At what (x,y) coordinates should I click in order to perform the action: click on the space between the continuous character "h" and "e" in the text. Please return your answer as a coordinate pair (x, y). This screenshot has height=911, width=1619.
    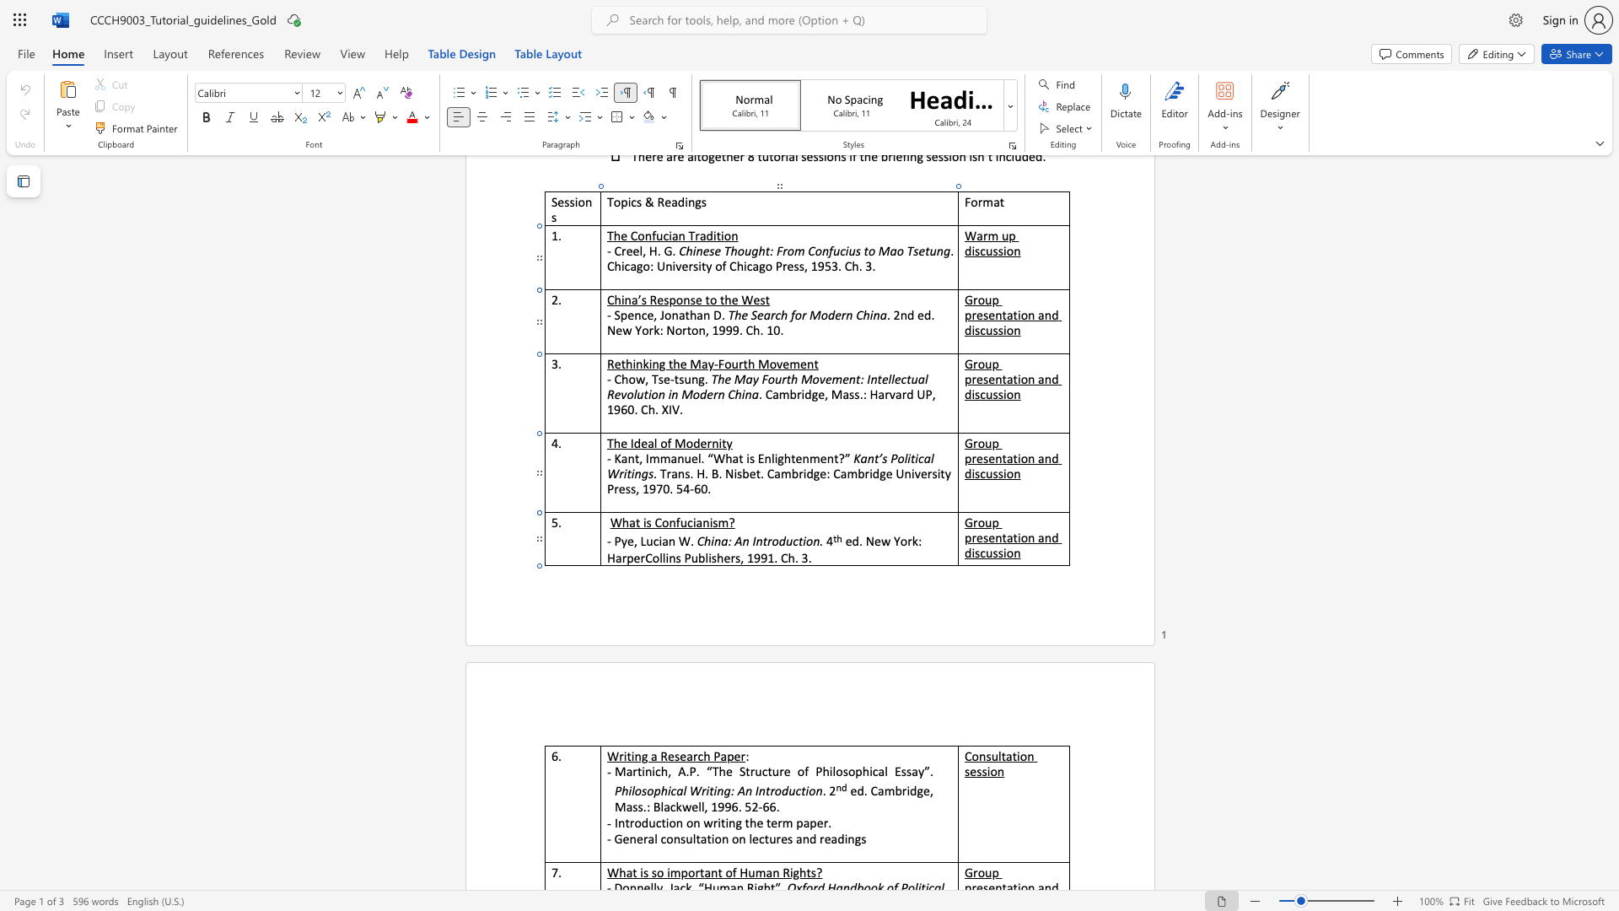
    Looking at the image, I should click on (723, 558).